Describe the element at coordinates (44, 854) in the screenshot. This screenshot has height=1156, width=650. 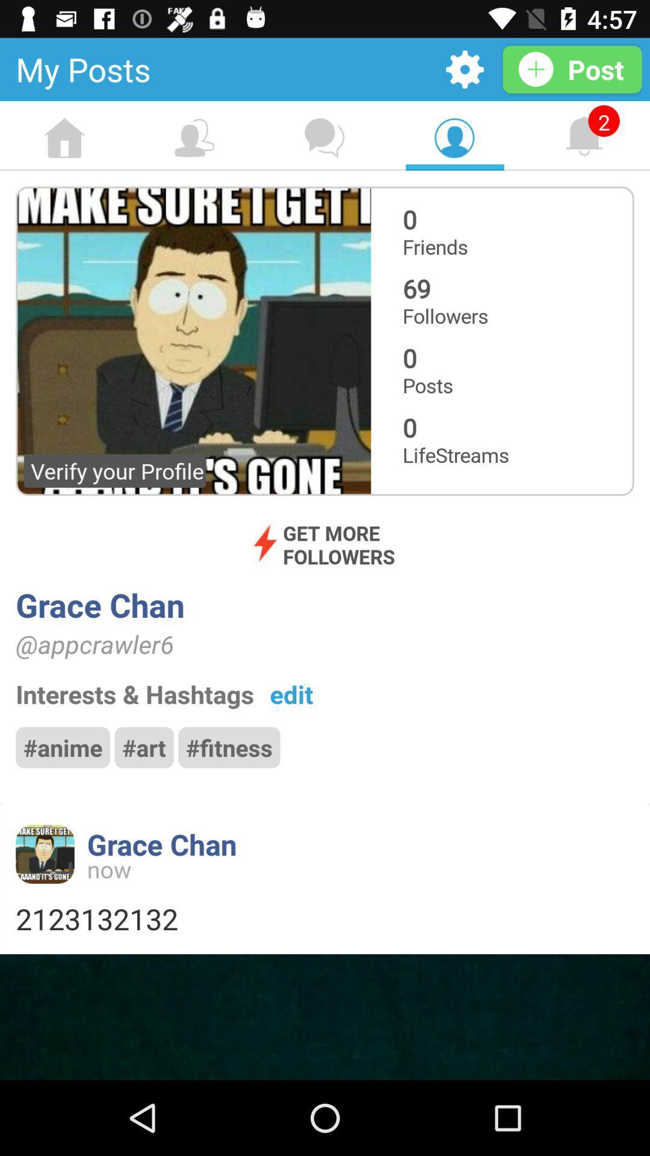
I see `the image which is before now on the page` at that location.